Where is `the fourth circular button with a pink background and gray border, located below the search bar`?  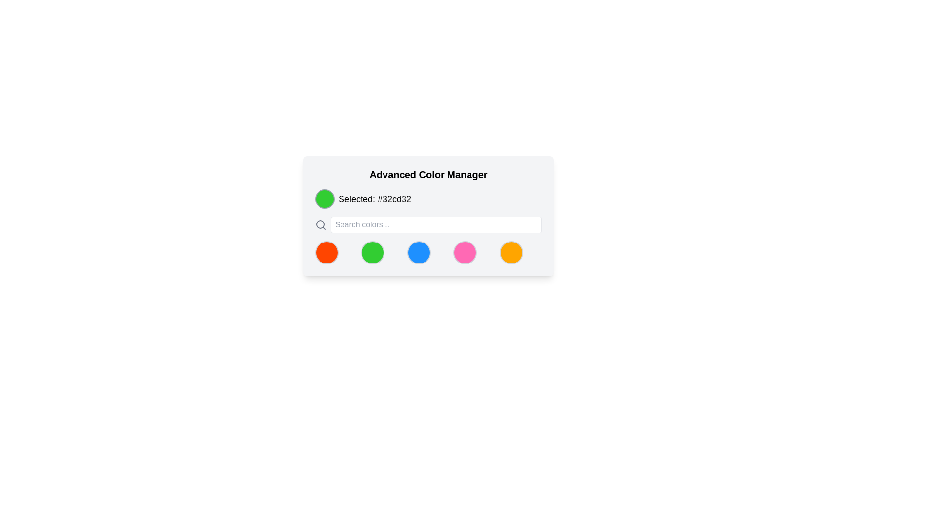
the fourth circular button with a pink background and gray border, located below the search bar is located at coordinates (465, 252).